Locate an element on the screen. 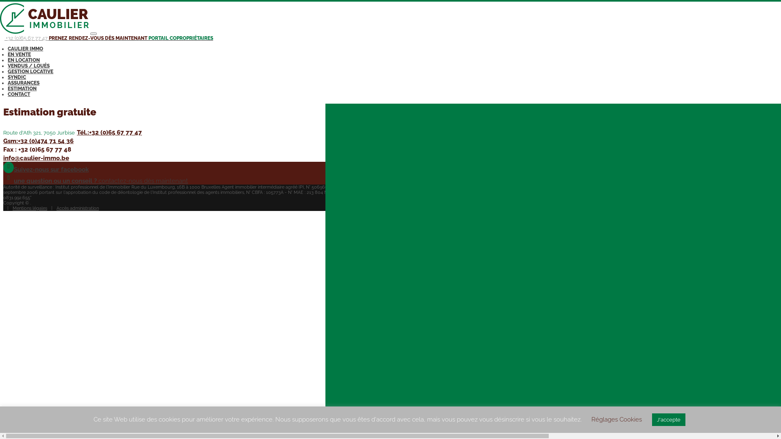  'SYNDIC' is located at coordinates (17, 77).